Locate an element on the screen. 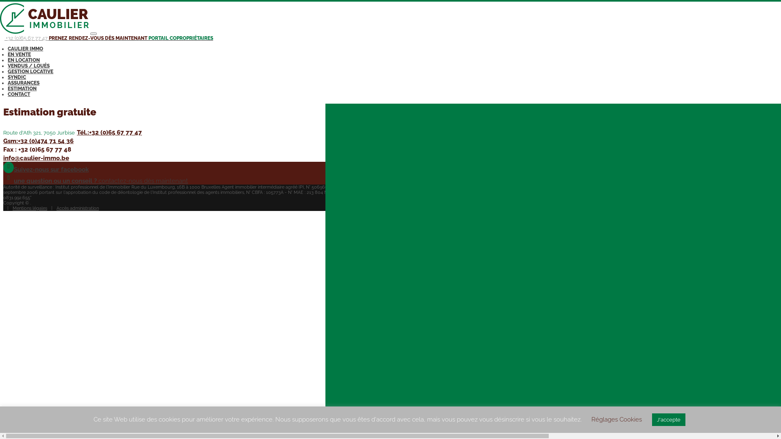  'SYNDIC' is located at coordinates (17, 77).